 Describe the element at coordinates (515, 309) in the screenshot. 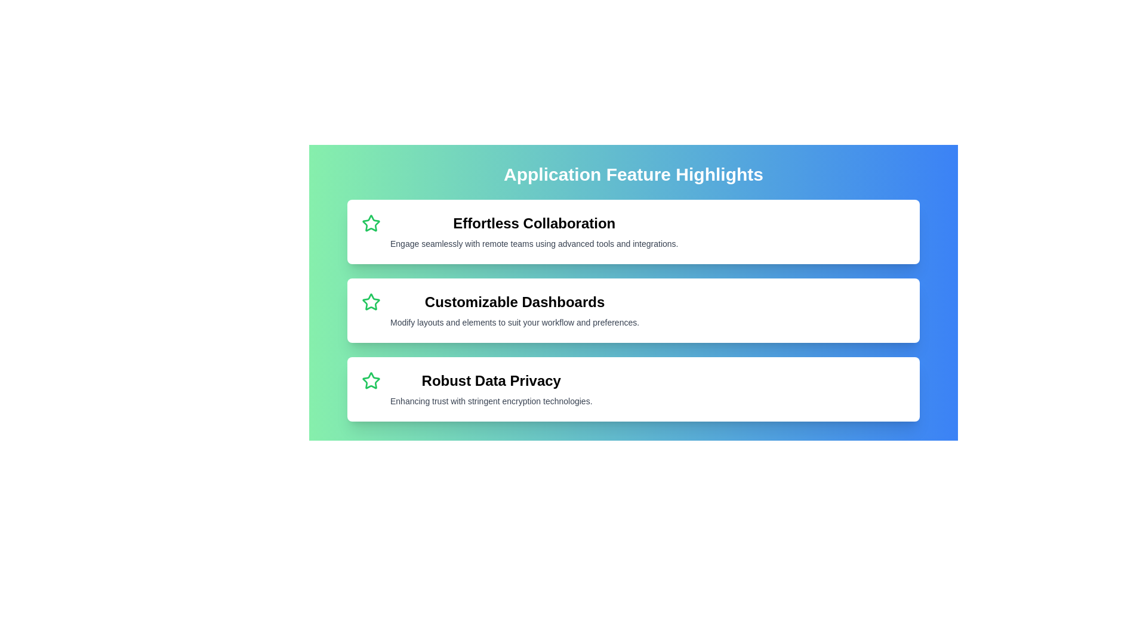

I see `the Text Block that contains the header 'Customizable Dashboards' and the description below it` at that location.